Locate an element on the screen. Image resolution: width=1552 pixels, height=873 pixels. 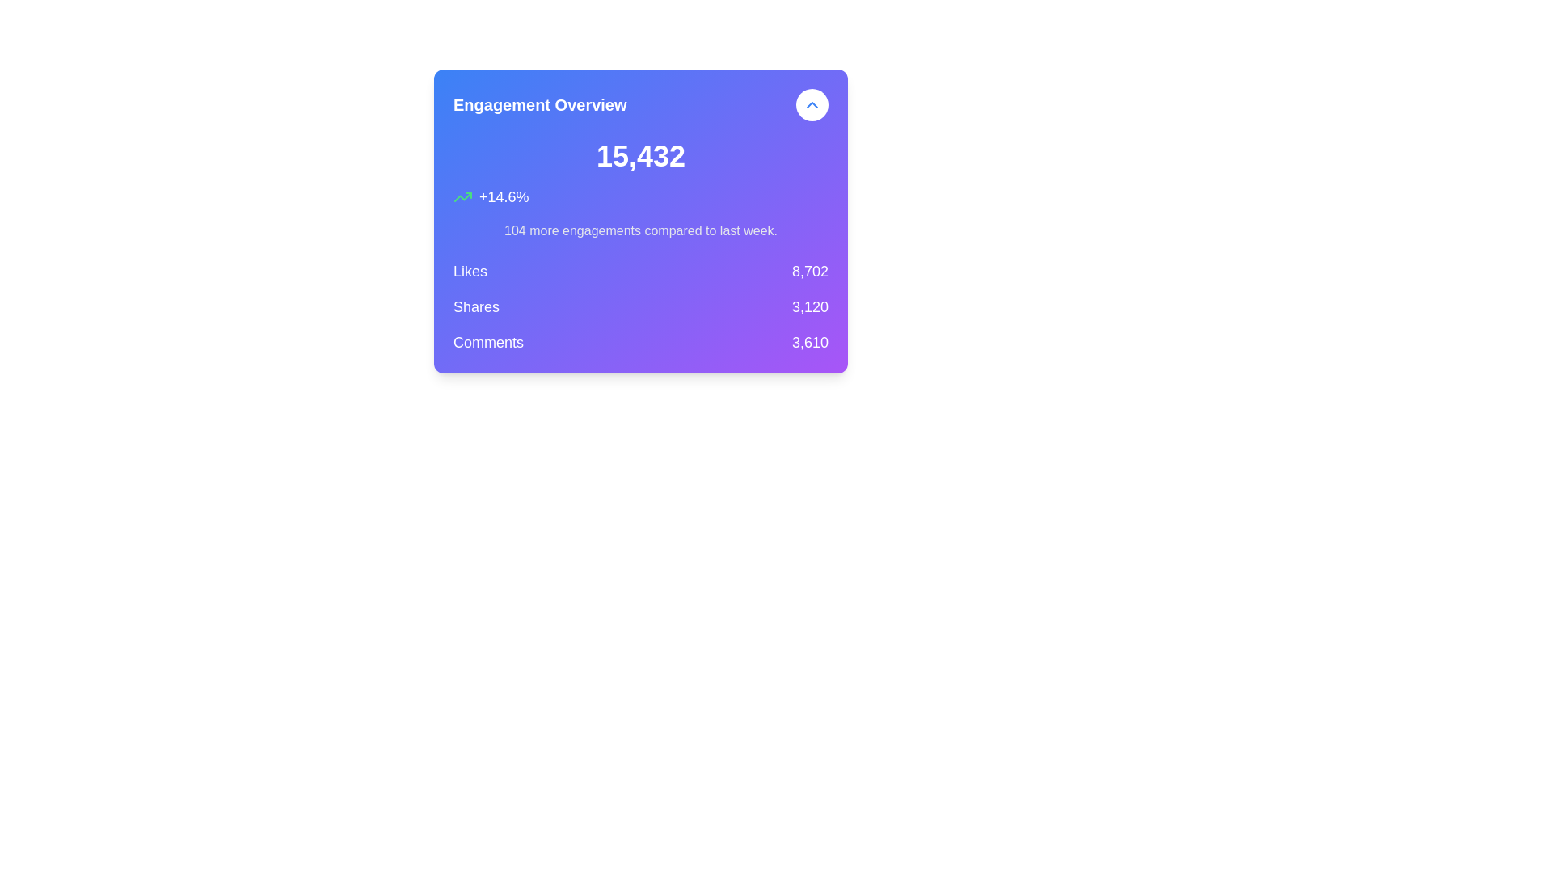
the 'Shares' statistic display element that shows the value '3,120', positioned between 'Likes' and 'Comments' in the vertical list is located at coordinates (639, 307).